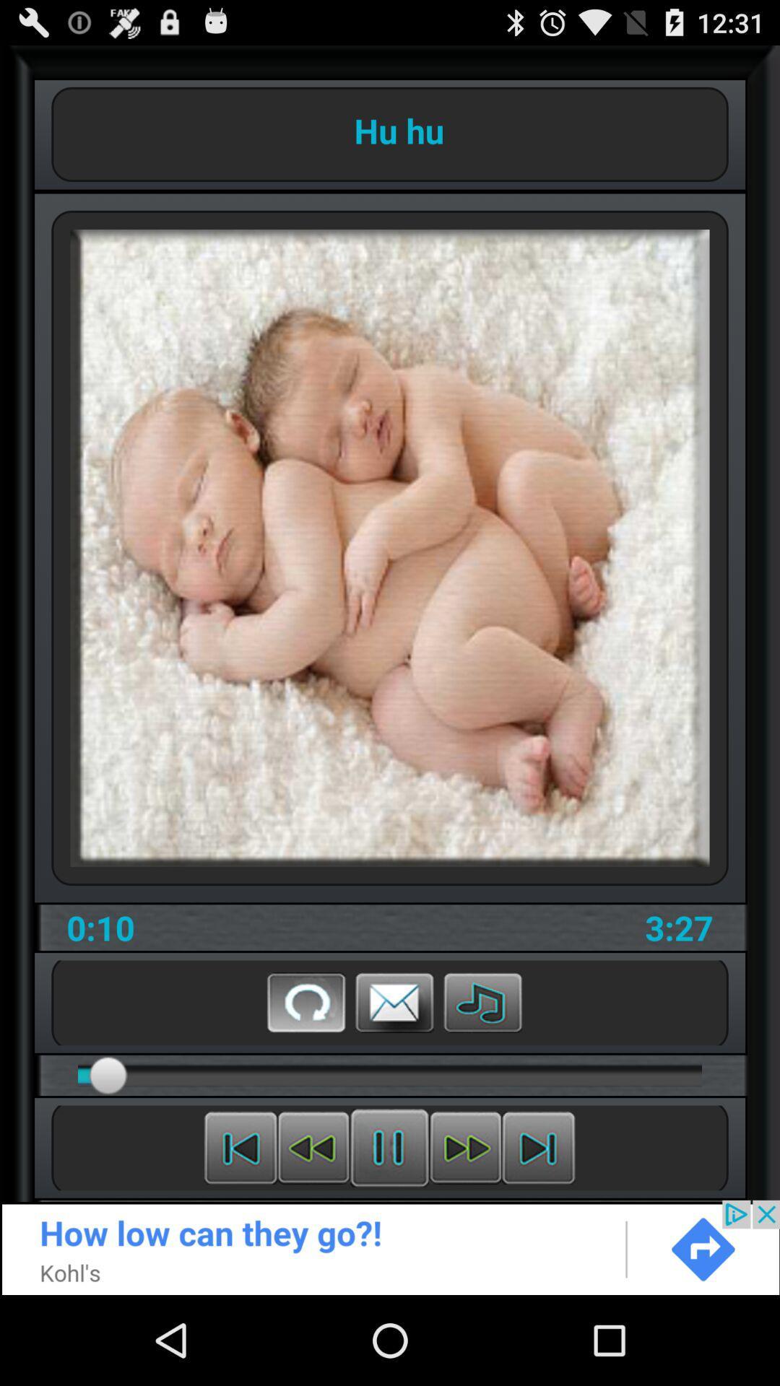 The width and height of the screenshot is (780, 1386). I want to click on skip to next track, so click(538, 1147).